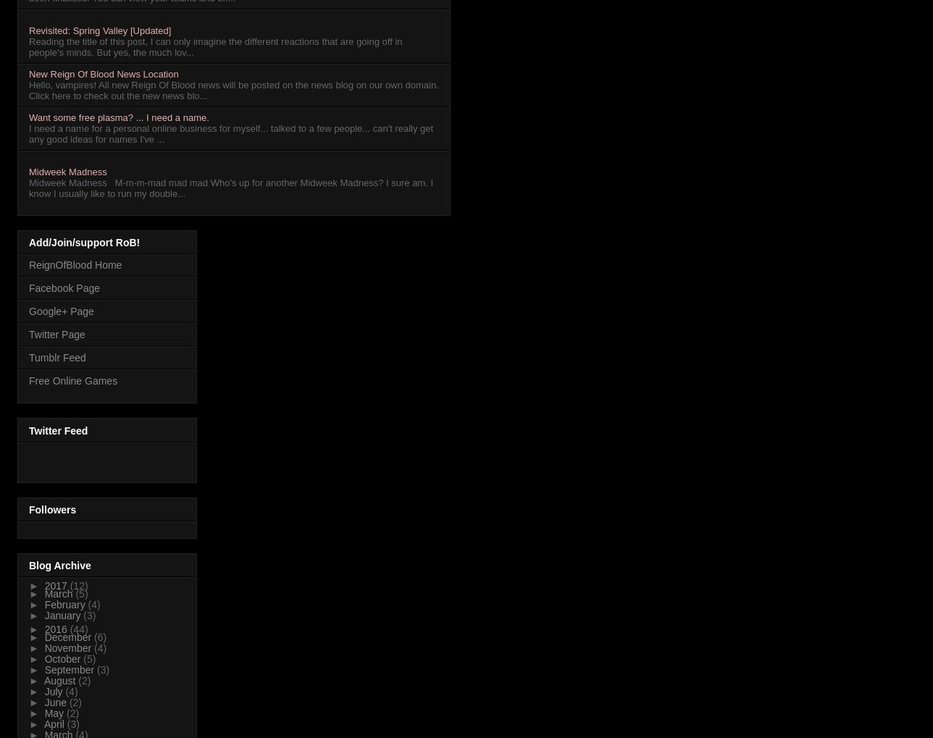  I want to click on 'August', so click(60, 680).